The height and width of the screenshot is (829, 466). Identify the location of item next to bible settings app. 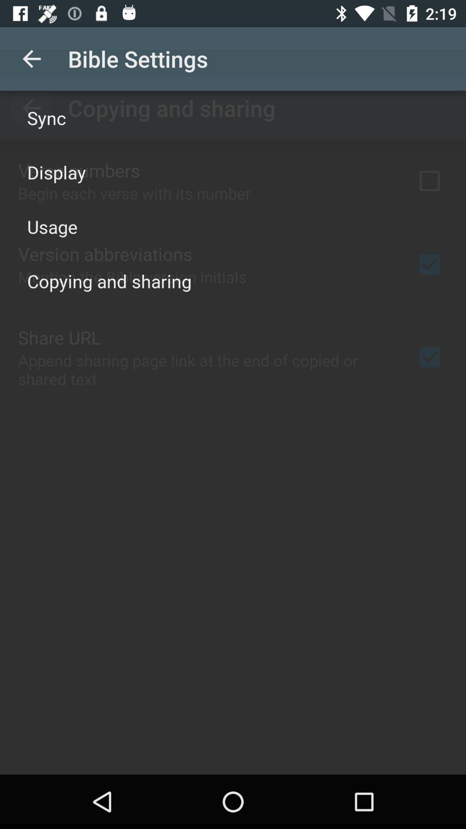
(31, 58).